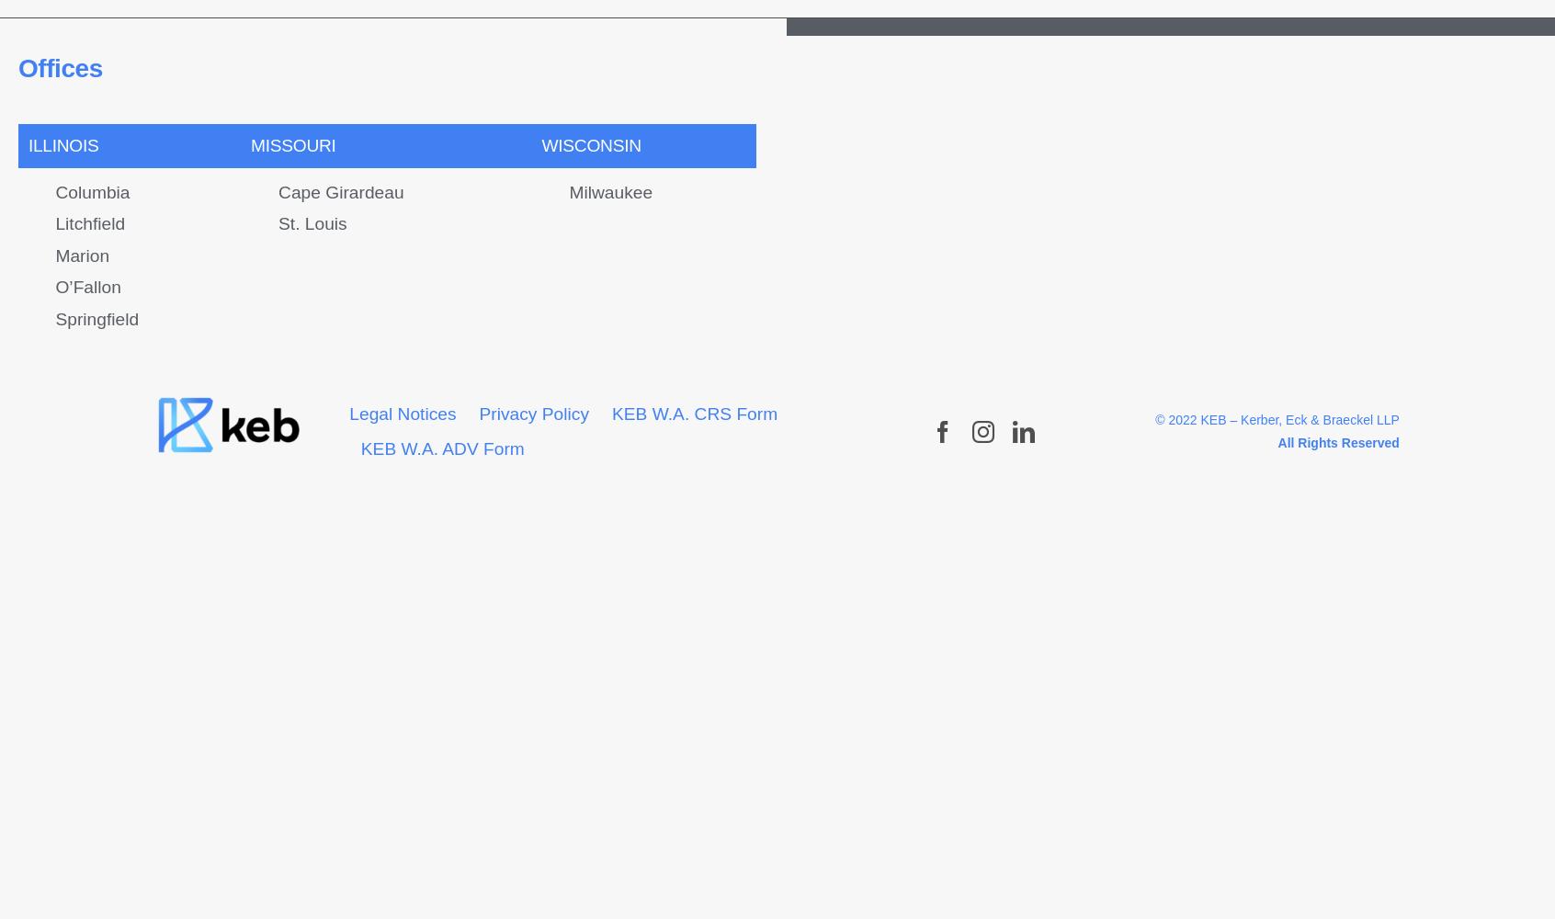 This screenshot has width=1555, height=919. I want to click on 'Milwaukee', so click(610, 190).